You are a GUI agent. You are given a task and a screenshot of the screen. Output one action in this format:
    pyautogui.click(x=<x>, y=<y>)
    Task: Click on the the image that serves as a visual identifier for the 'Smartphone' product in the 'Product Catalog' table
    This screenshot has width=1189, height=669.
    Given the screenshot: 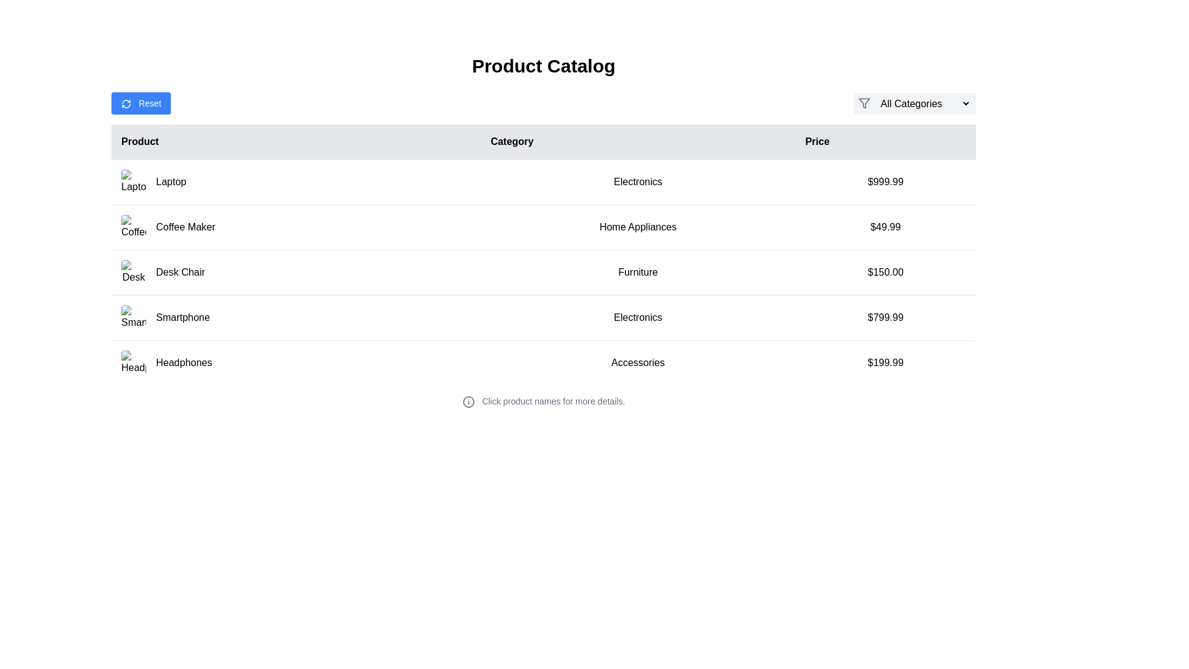 What is the action you would take?
    pyautogui.click(x=134, y=317)
    